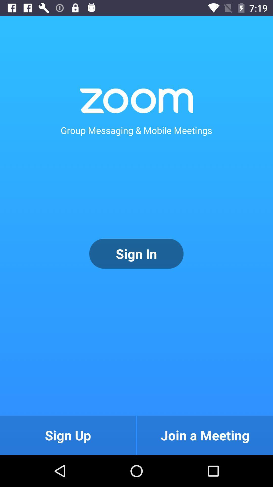 This screenshot has width=273, height=487. Describe the element at coordinates (136, 254) in the screenshot. I see `sign in icon` at that location.